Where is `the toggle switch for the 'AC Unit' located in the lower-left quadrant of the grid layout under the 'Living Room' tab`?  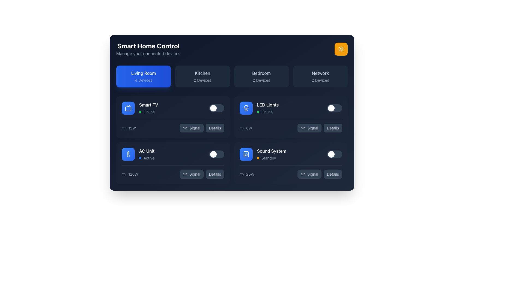 the toggle switch for the 'AC Unit' located in the lower-left quadrant of the grid layout under the 'Living Room' tab is located at coordinates (216, 154).